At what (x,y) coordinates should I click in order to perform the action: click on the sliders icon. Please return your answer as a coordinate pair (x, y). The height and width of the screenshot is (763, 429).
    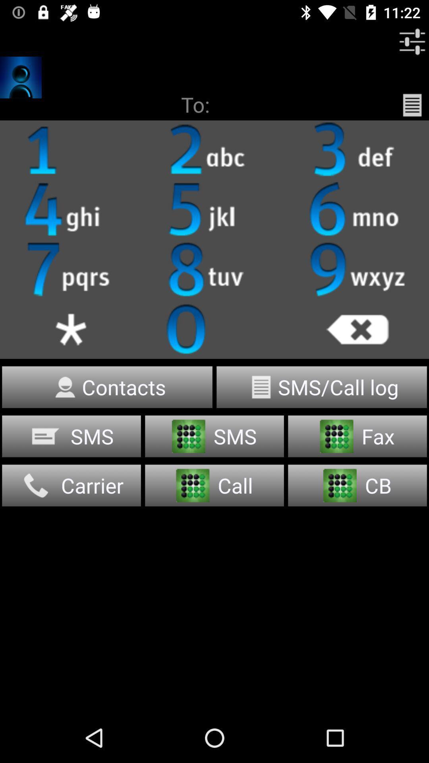
    Looking at the image, I should click on (214, 210).